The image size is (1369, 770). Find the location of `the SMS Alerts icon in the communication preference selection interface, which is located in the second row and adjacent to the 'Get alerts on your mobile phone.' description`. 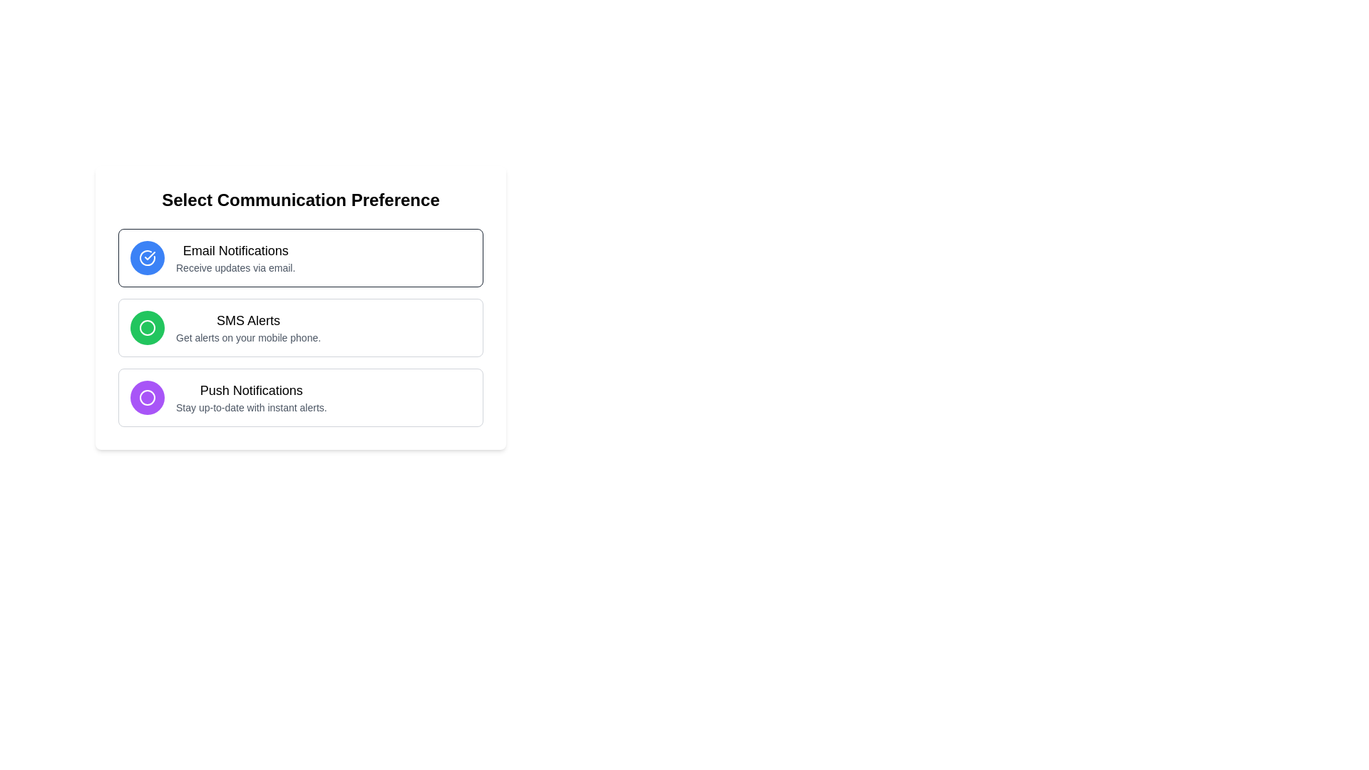

the SMS Alerts icon in the communication preference selection interface, which is located in the second row and adjacent to the 'Get alerts on your mobile phone.' description is located at coordinates (147, 327).